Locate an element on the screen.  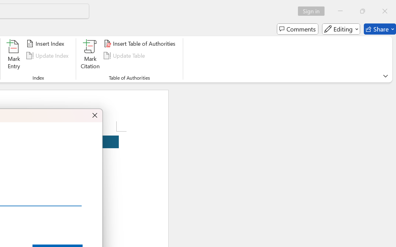
'Editing' is located at coordinates (341, 29).